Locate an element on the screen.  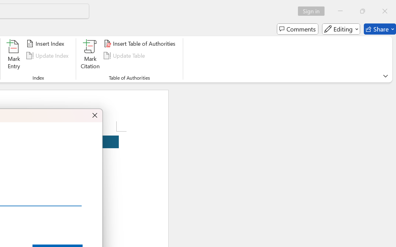
'Editing' is located at coordinates (341, 29).